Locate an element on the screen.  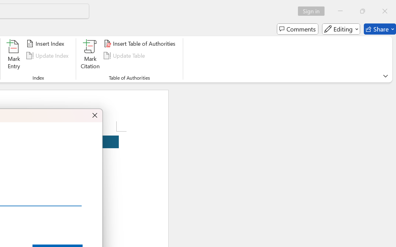
'Editing' is located at coordinates (341, 29).